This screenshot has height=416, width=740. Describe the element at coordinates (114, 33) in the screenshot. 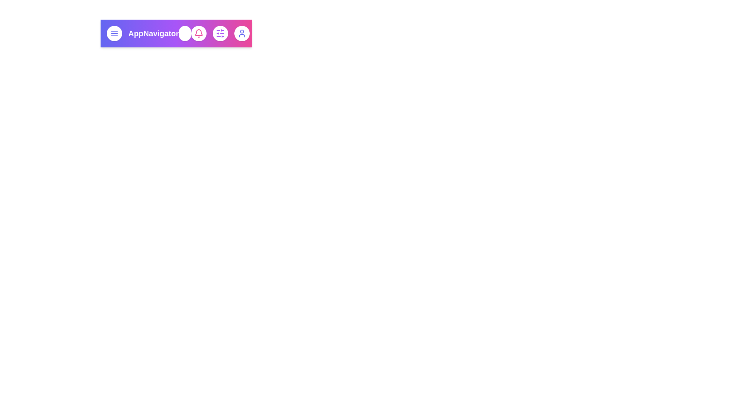

I see `menu button to open the navigation` at that location.